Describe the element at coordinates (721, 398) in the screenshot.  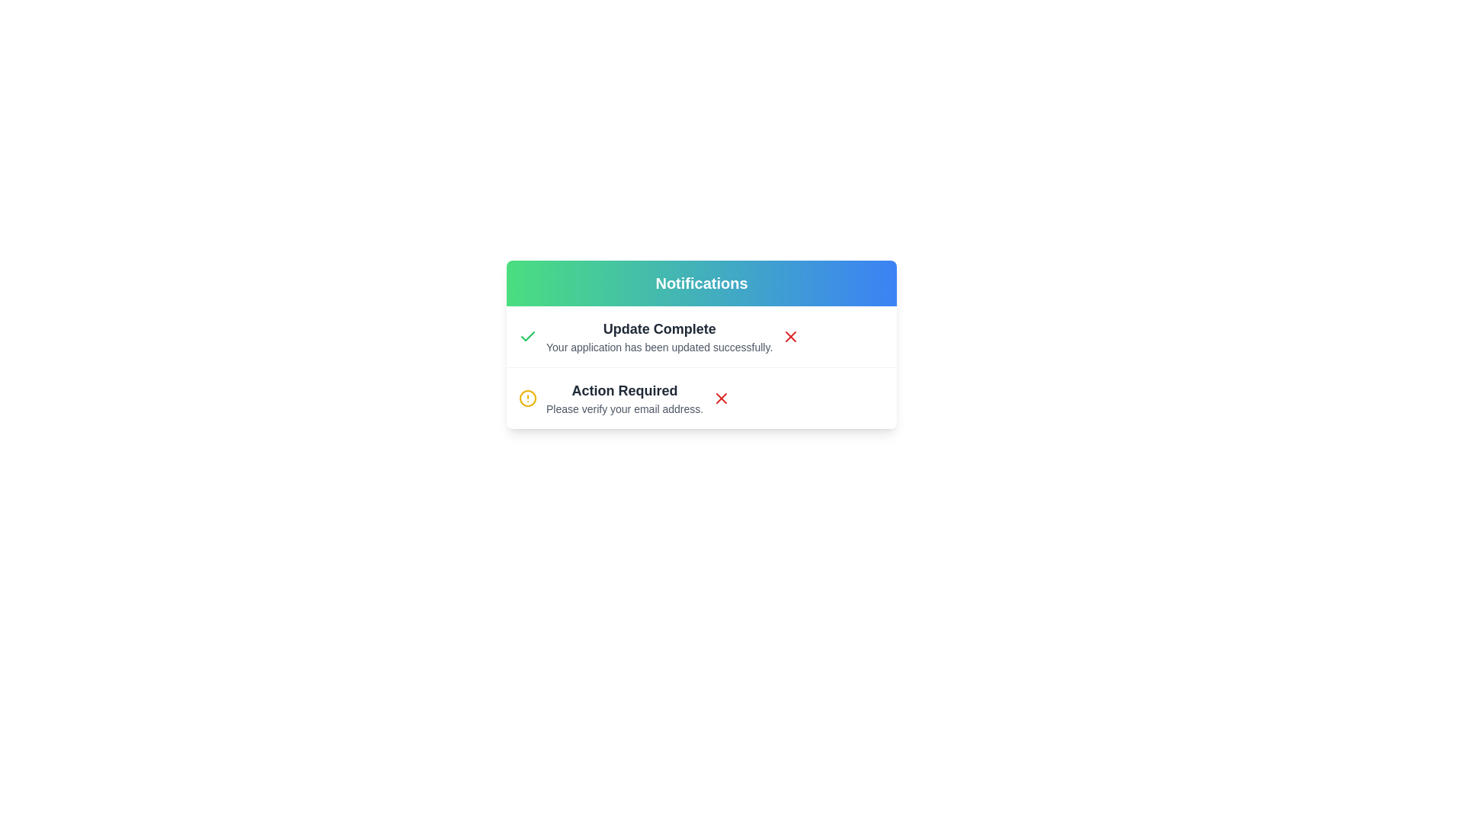
I see `the close icon located to the right of the 'Update Complete' message in the notifications box` at that location.